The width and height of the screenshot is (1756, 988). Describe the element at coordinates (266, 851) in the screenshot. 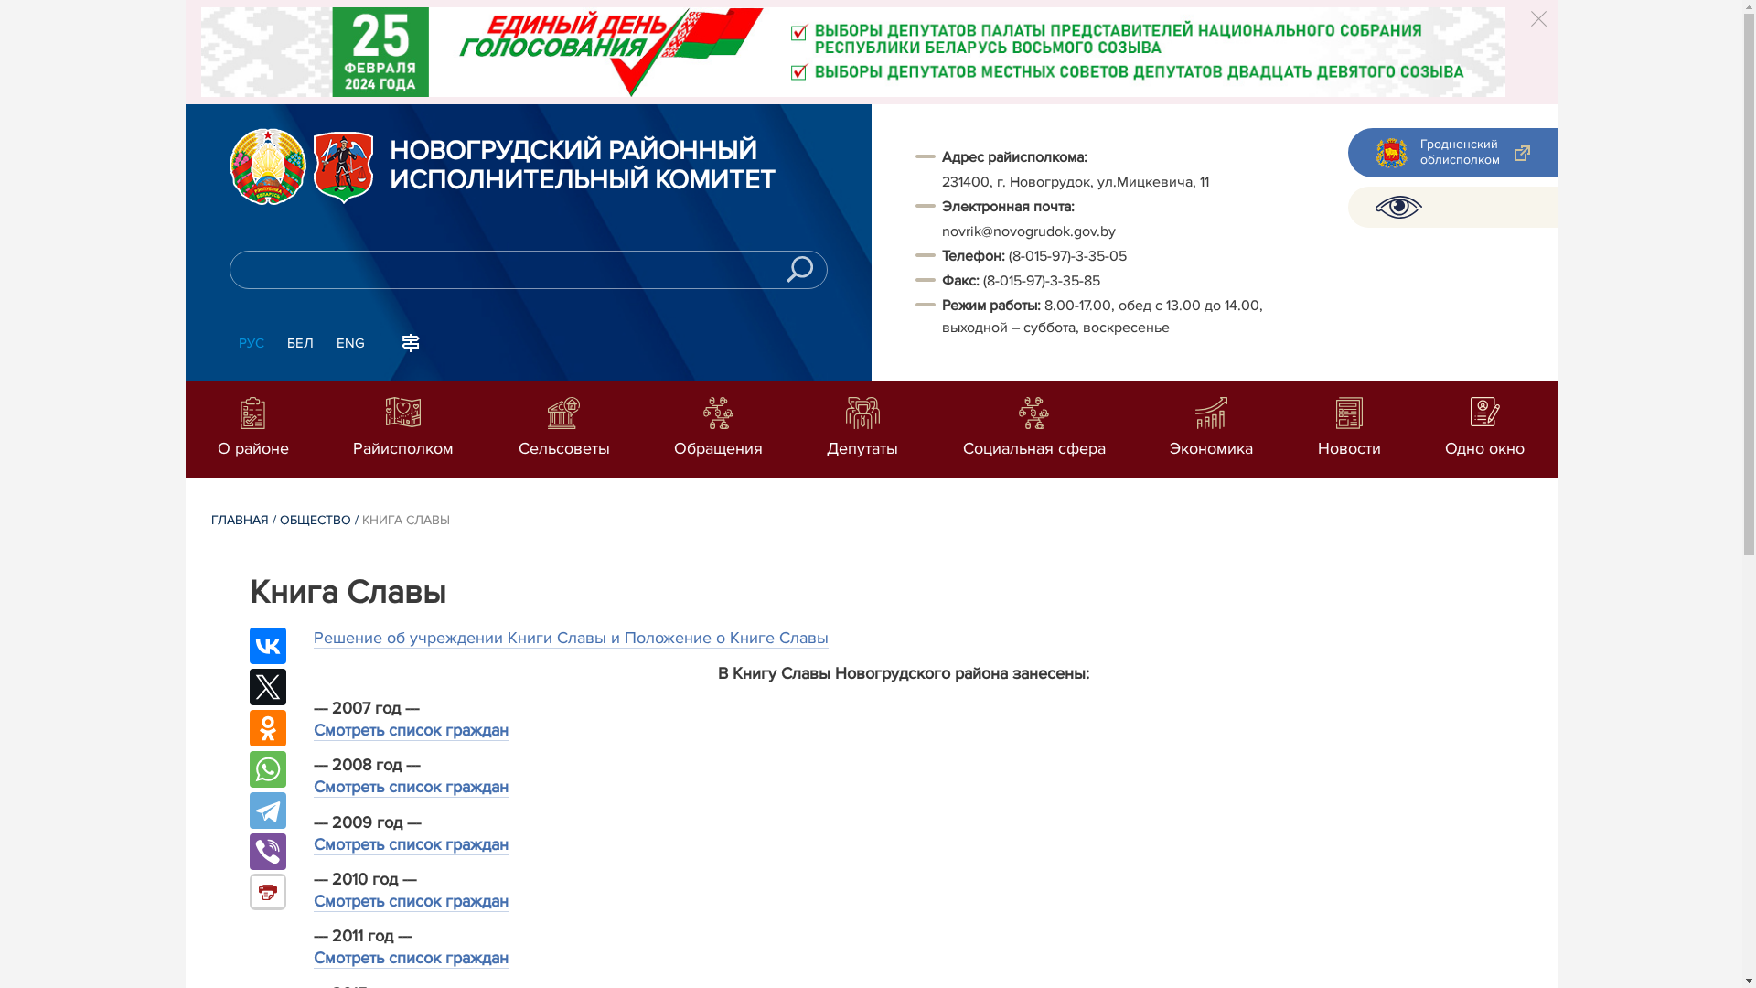

I see `'Viber'` at that location.